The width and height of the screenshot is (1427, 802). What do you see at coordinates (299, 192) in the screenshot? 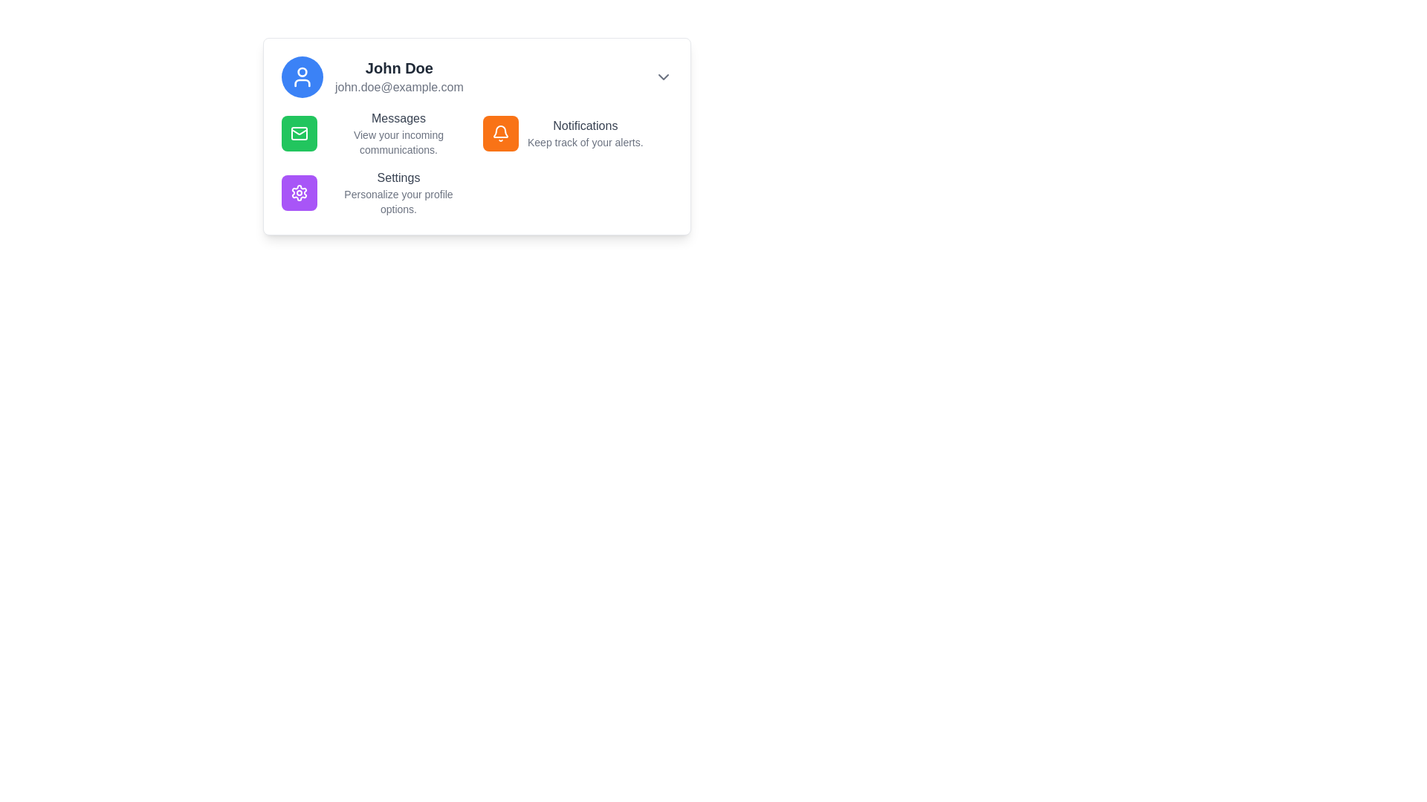
I see `the cogwheel-shaped settings icon with a white outline and purple background to trigger a tooltip, if available` at bounding box center [299, 192].